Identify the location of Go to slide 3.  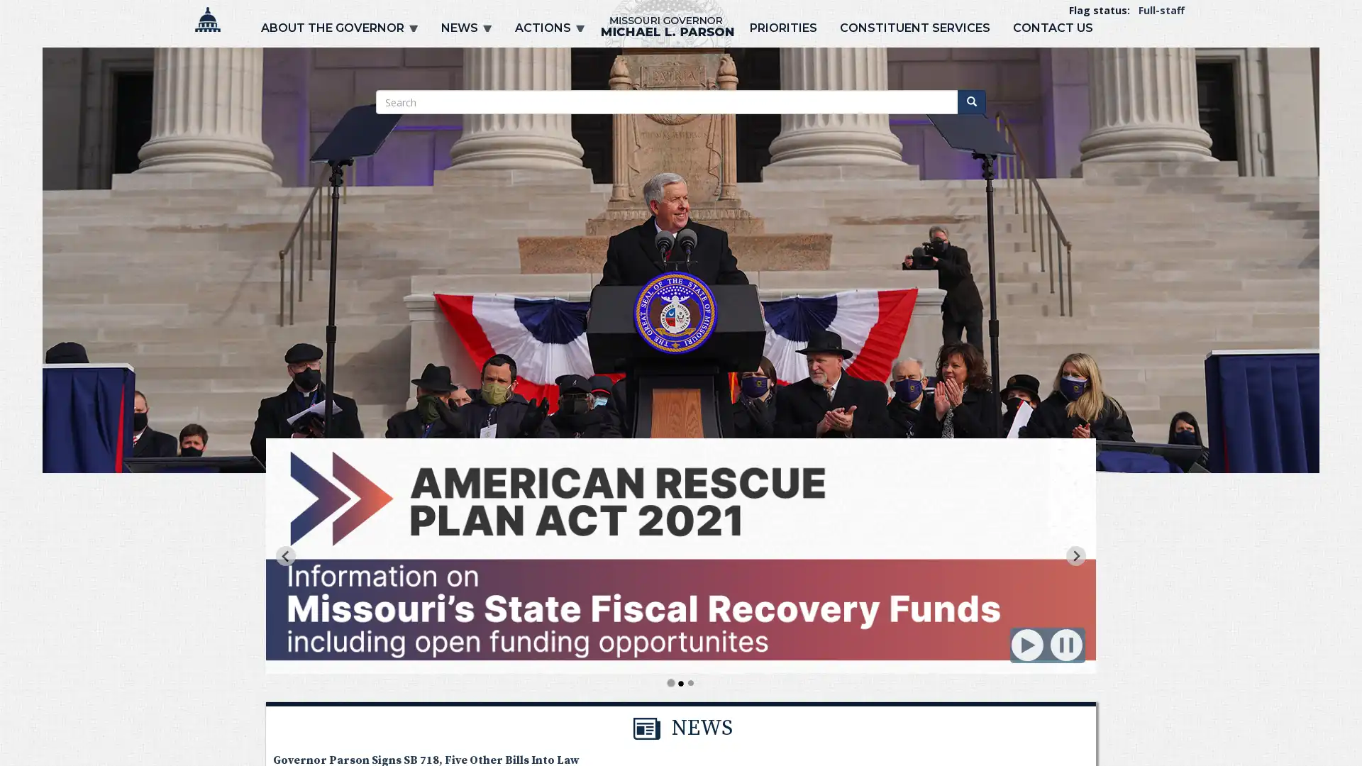
(690, 682).